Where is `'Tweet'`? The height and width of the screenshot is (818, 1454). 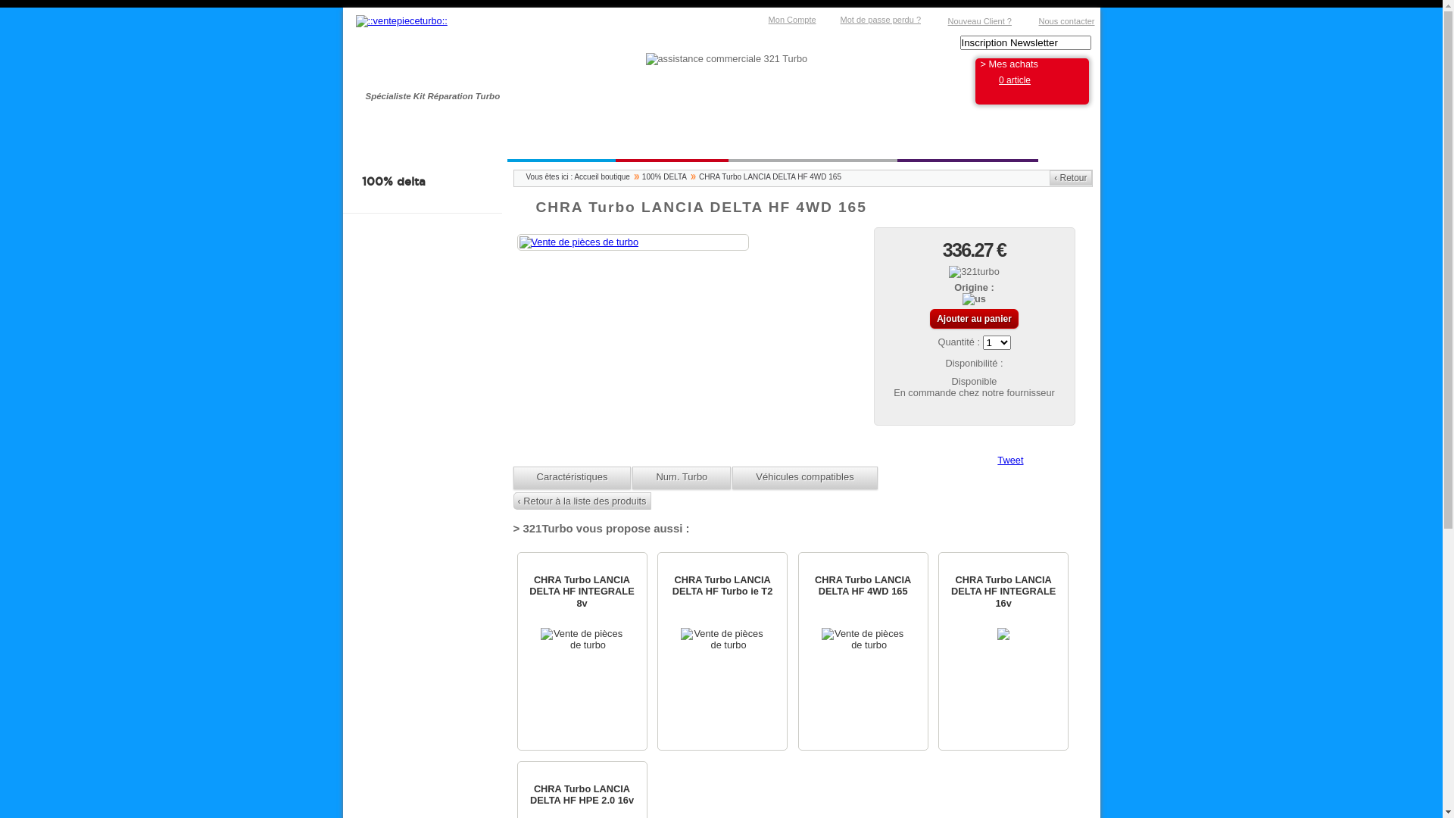 'Tweet' is located at coordinates (997, 459).